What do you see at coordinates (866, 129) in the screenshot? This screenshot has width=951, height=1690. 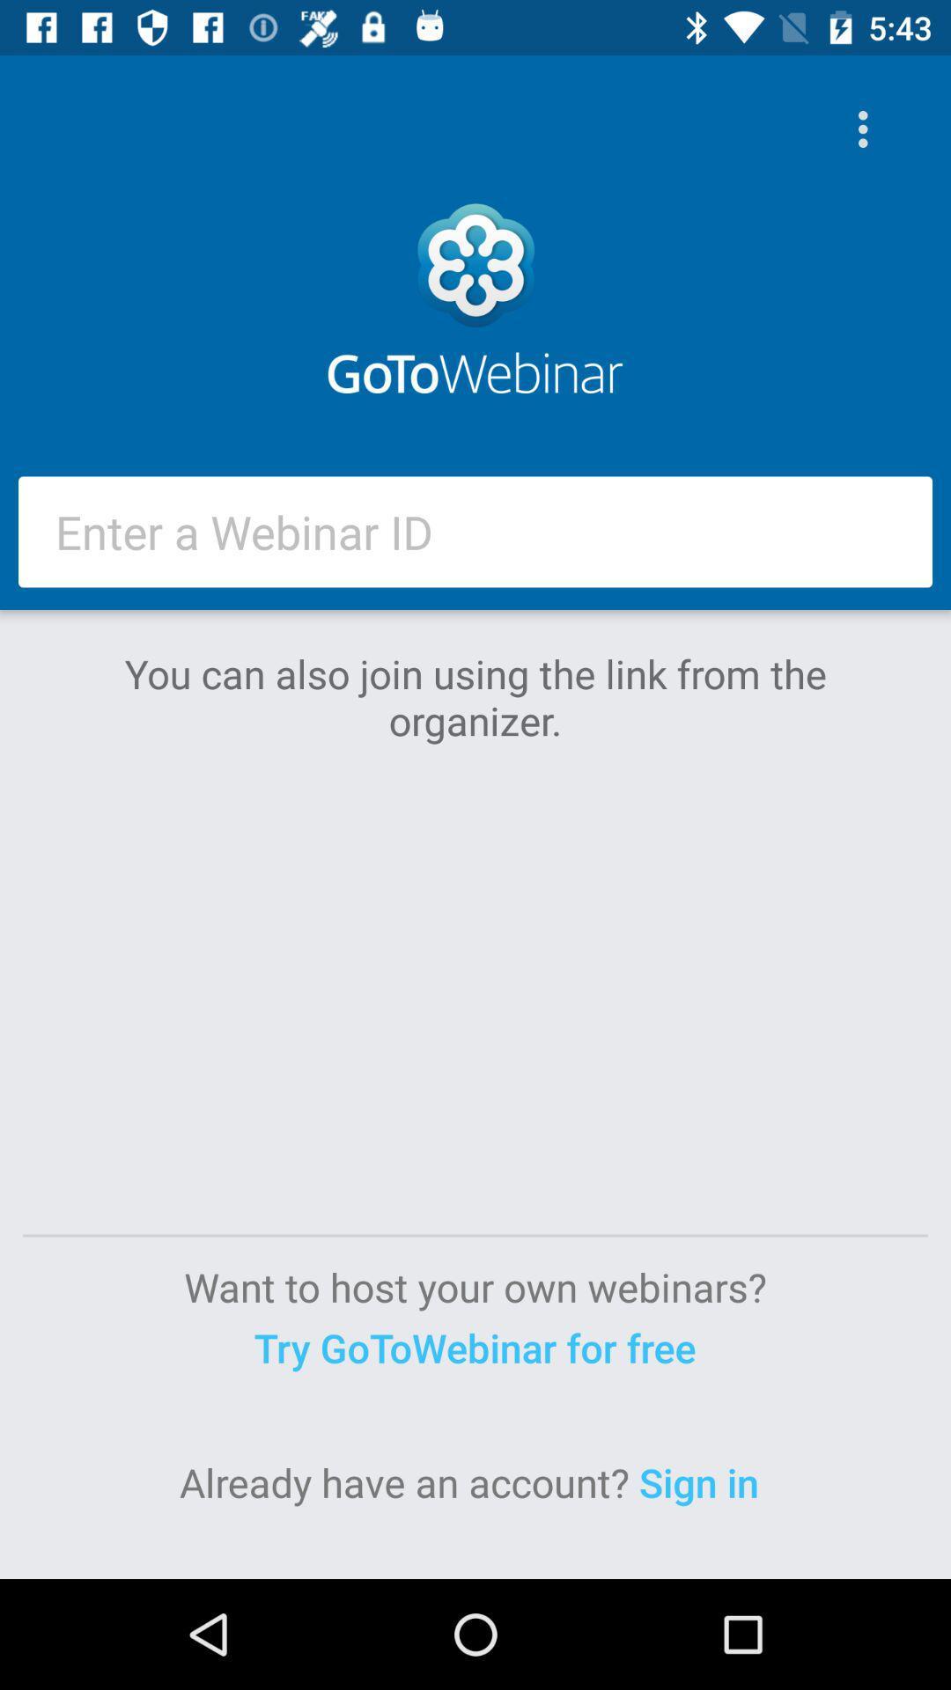 I see `item at the top right corner` at bounding box center [866, 129].